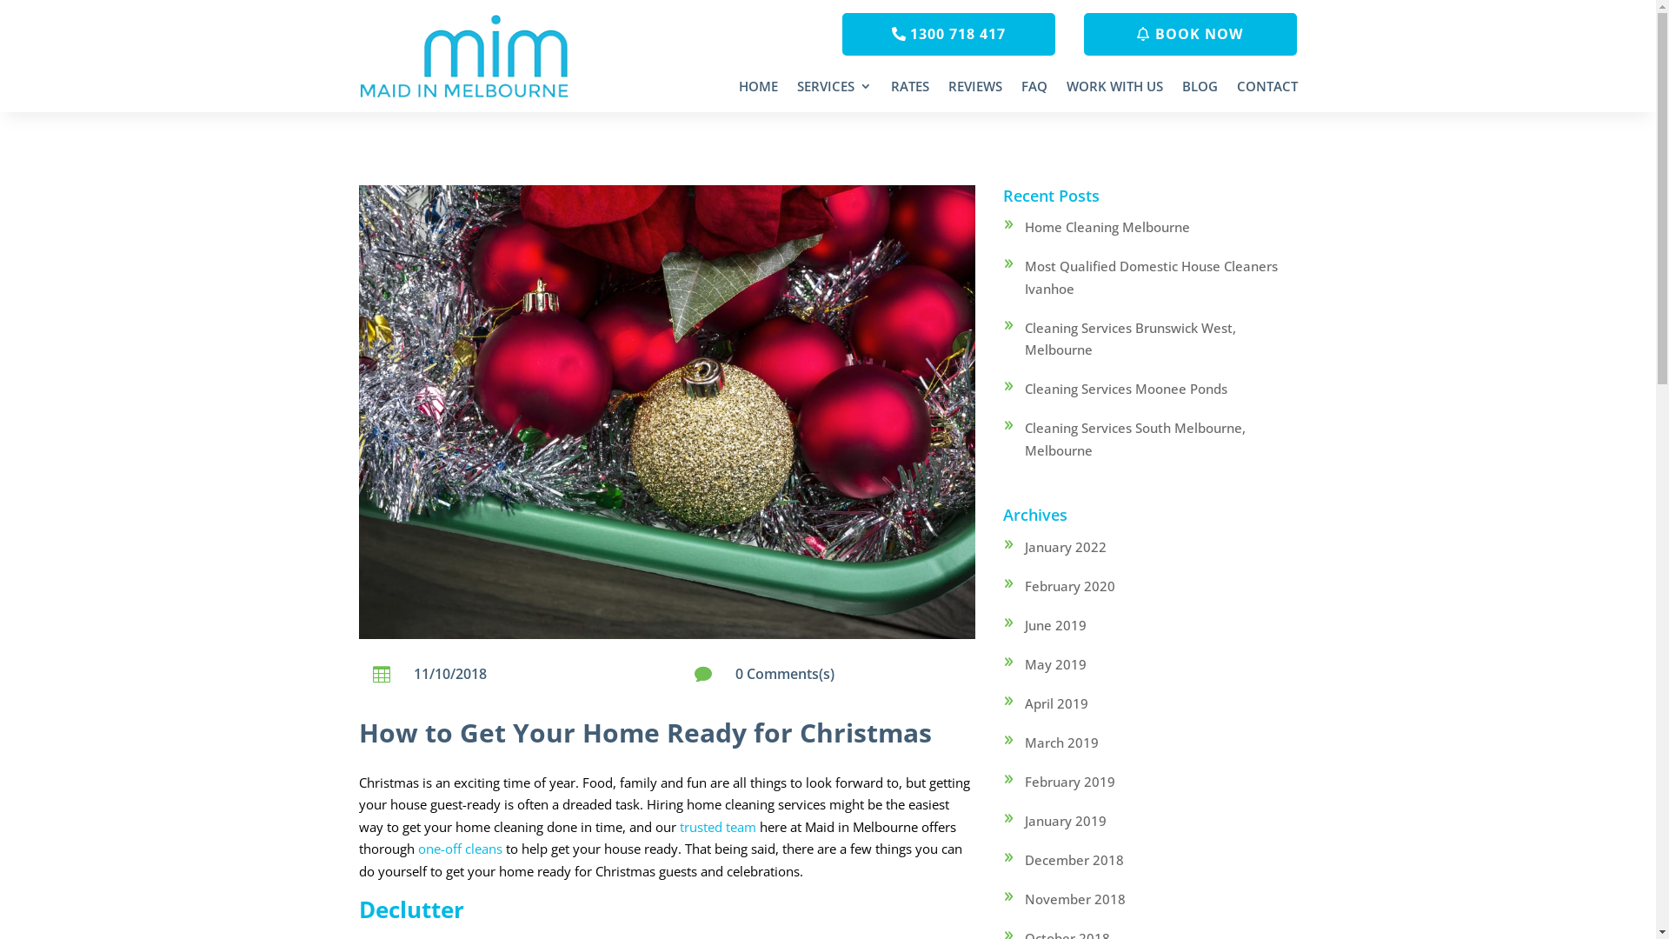  I want to click on 'Most Qualified Domestic House Cleaners Ivanhoe', so click(1151, 276).